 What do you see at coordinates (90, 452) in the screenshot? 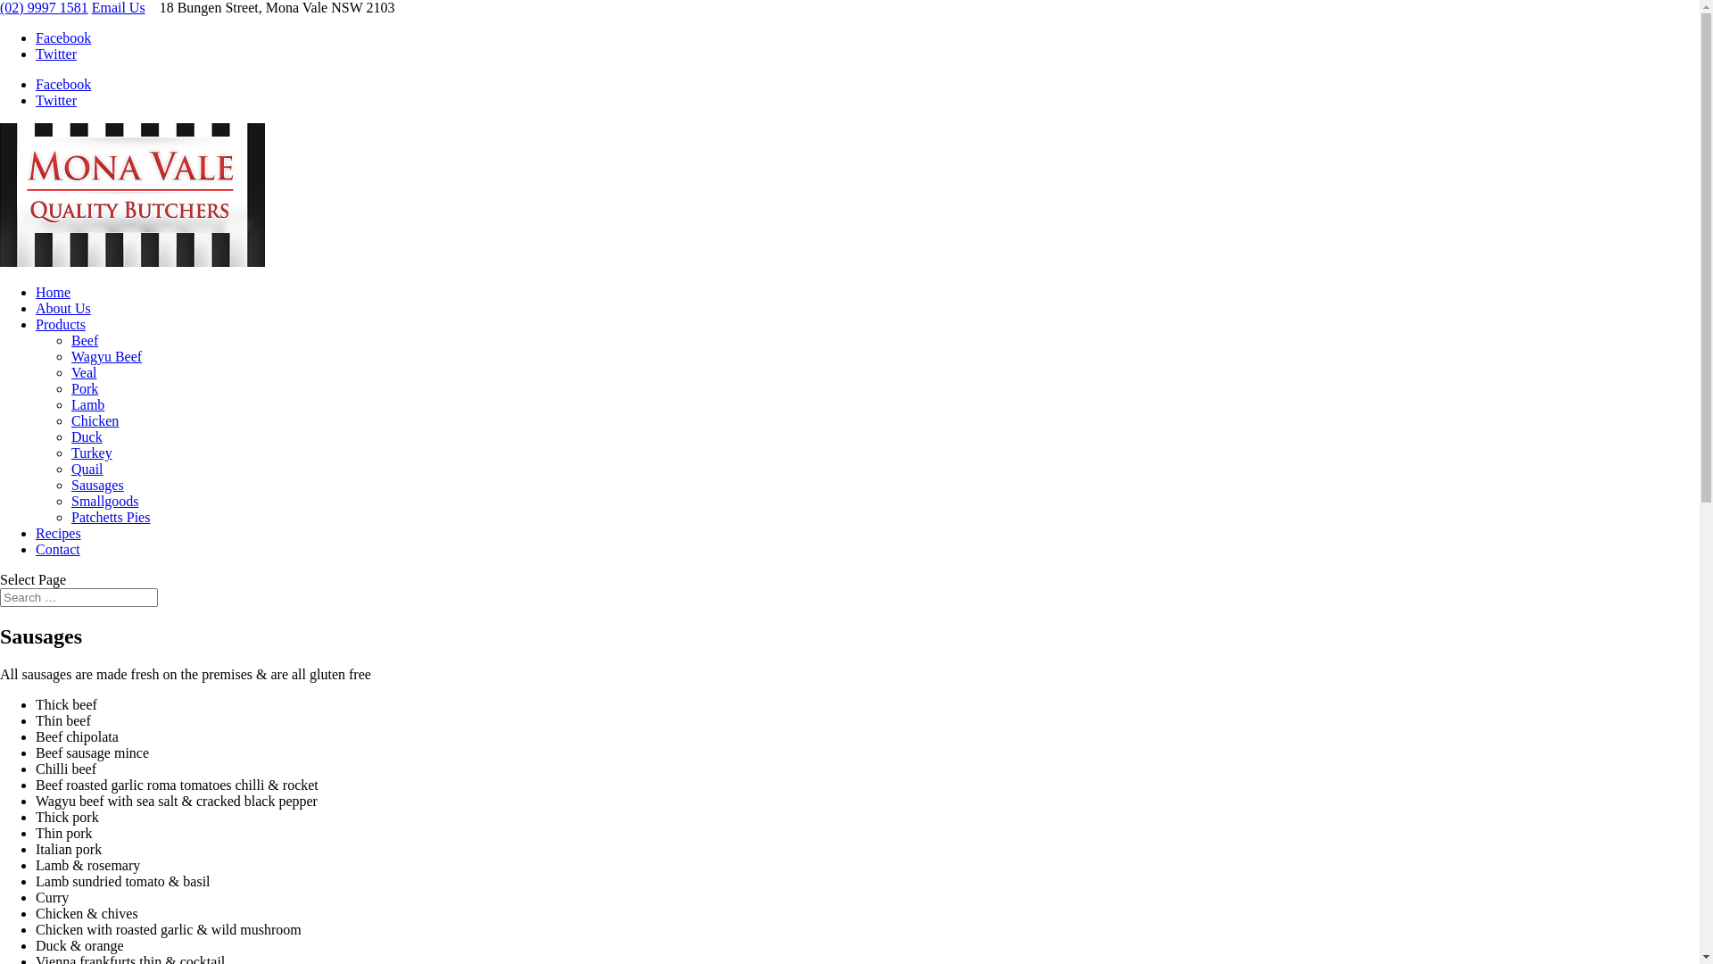
I see `'Turkey'` at bounding box center [90, 452].